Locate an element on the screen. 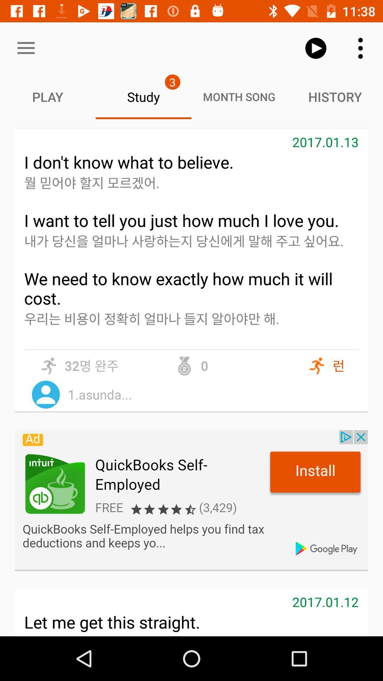  advertisement is located at coordinates (191, 499).